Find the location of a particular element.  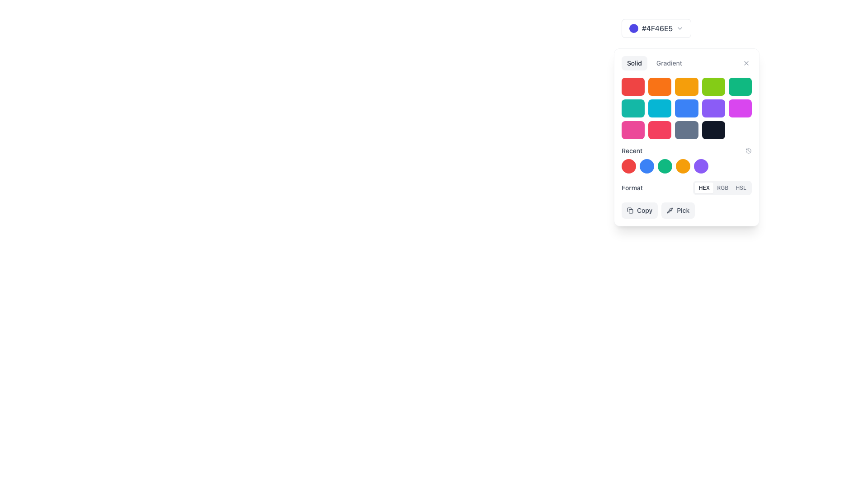

the fourth button in the color selection row to trigger the hover effect is located at coordinates (683, 166).